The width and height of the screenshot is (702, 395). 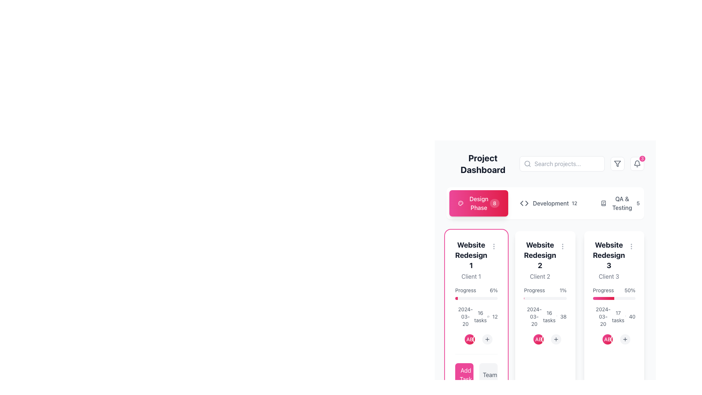 I want to click on around the header element that displays 'Website Redesign 2' and 'Client 2' in the 'Design Phase' section of the UI, so click(x=540, y=260).